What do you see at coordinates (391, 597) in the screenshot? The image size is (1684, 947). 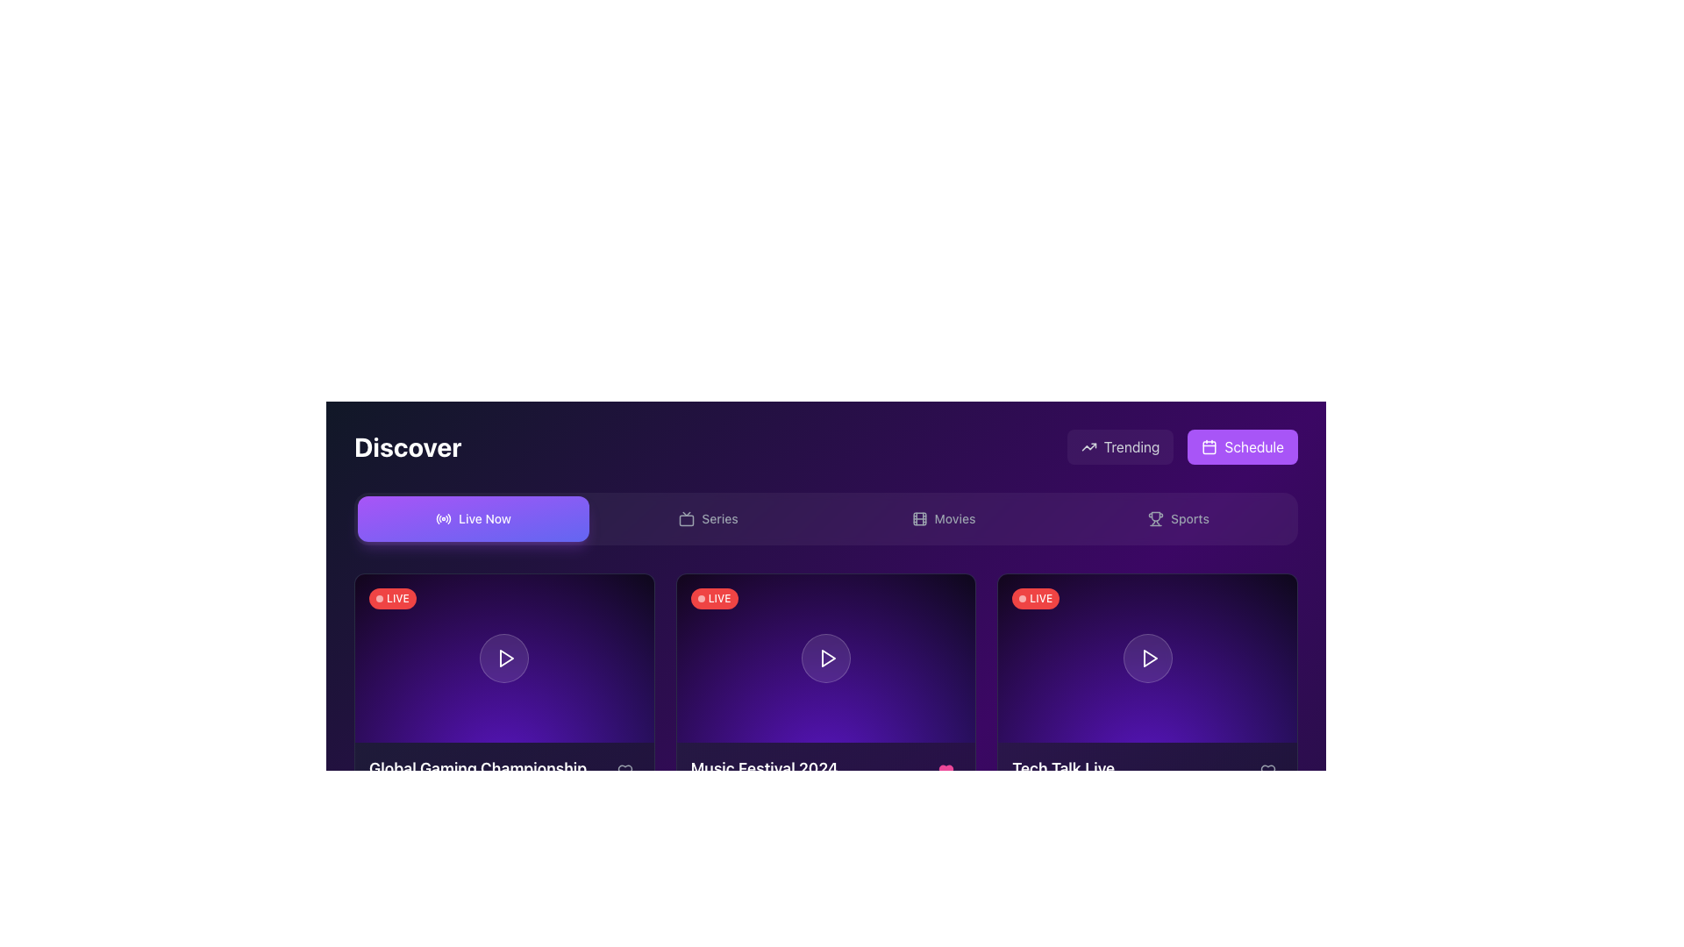 I see `the 'LIVE' badge located at the top-left corner of the leftmost card in the content grid, indicating that the associated content is currently live` at bounding box center [391, 597].